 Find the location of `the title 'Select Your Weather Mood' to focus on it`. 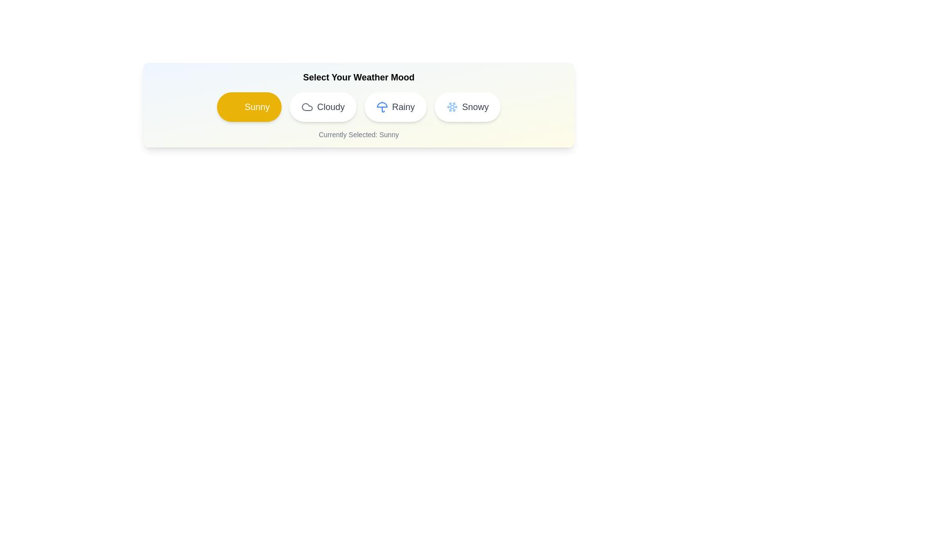

the title 'Select Your Weather Mood' to focus on it is located at coordinates (358, 77).